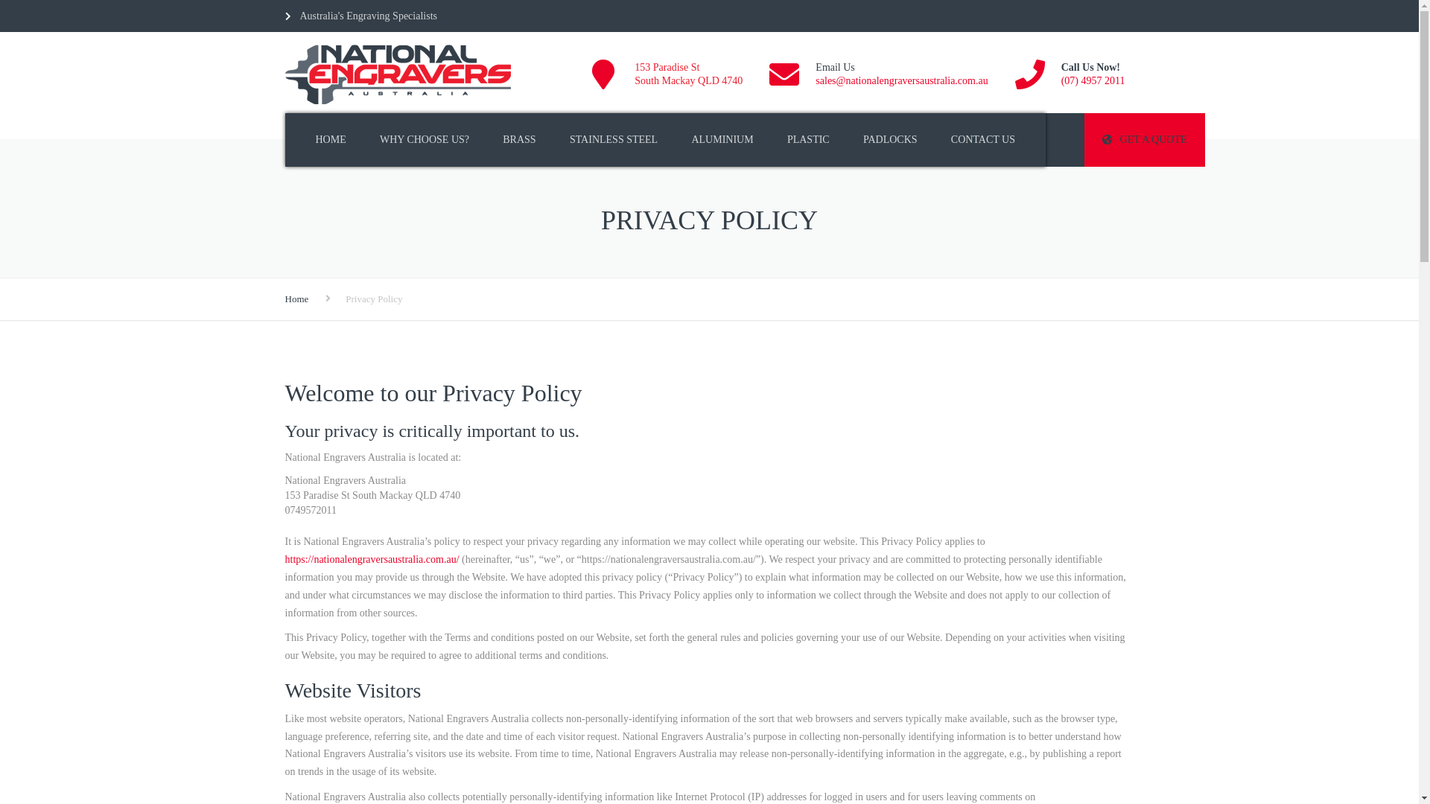 The image size is (1430, 804). Describe the element at coordinates (296, 299) in the screenshot. I see `'Home'` at that location.